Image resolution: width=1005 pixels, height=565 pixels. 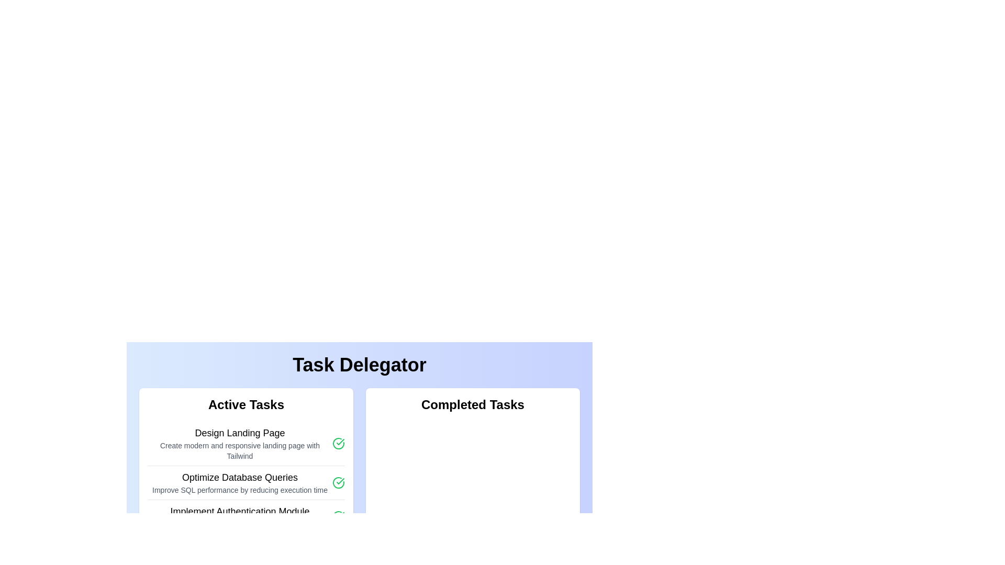 I want to click on the task description text for 'Optimize Database Queries' in the 'Active Tasks' section, so click(x=245, y=483).